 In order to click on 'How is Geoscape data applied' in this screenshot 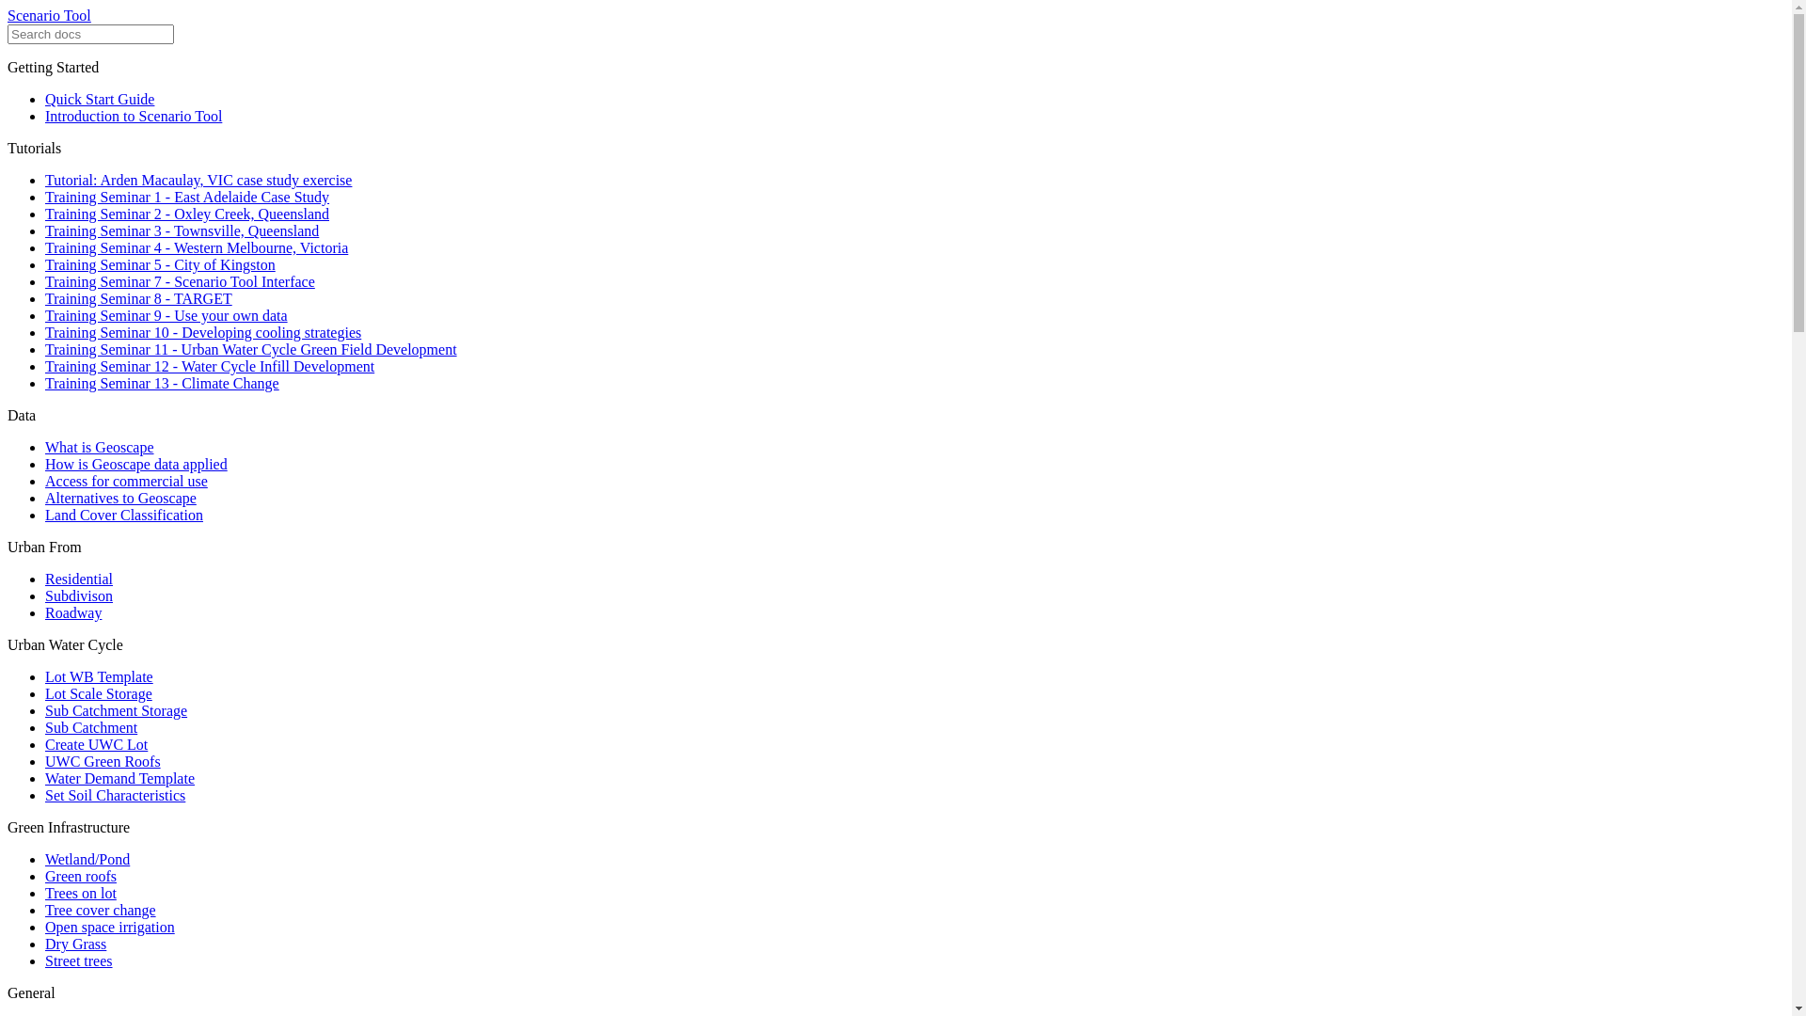, I will do `click(135, 464)`.